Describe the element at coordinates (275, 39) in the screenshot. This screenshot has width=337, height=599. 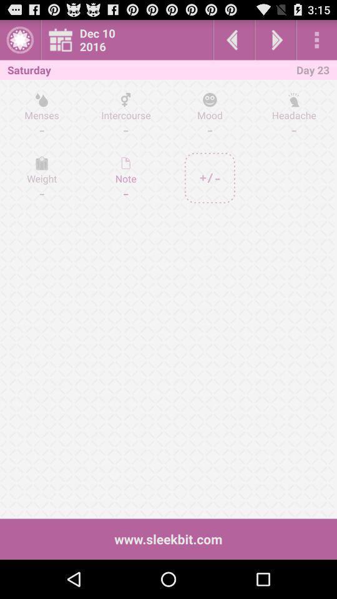
I see `next day` at that location.